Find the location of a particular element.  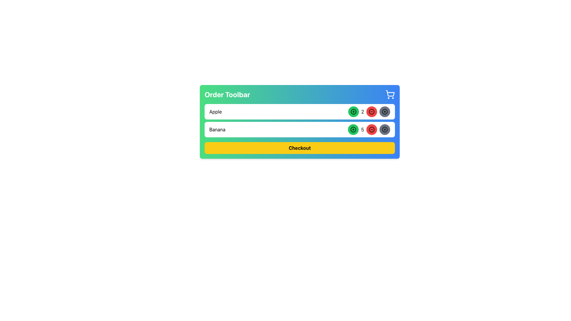

the circular green button with a black plus symbol, located in the second row of the toolbar, to increment the value is located at coordinates (353, 129).